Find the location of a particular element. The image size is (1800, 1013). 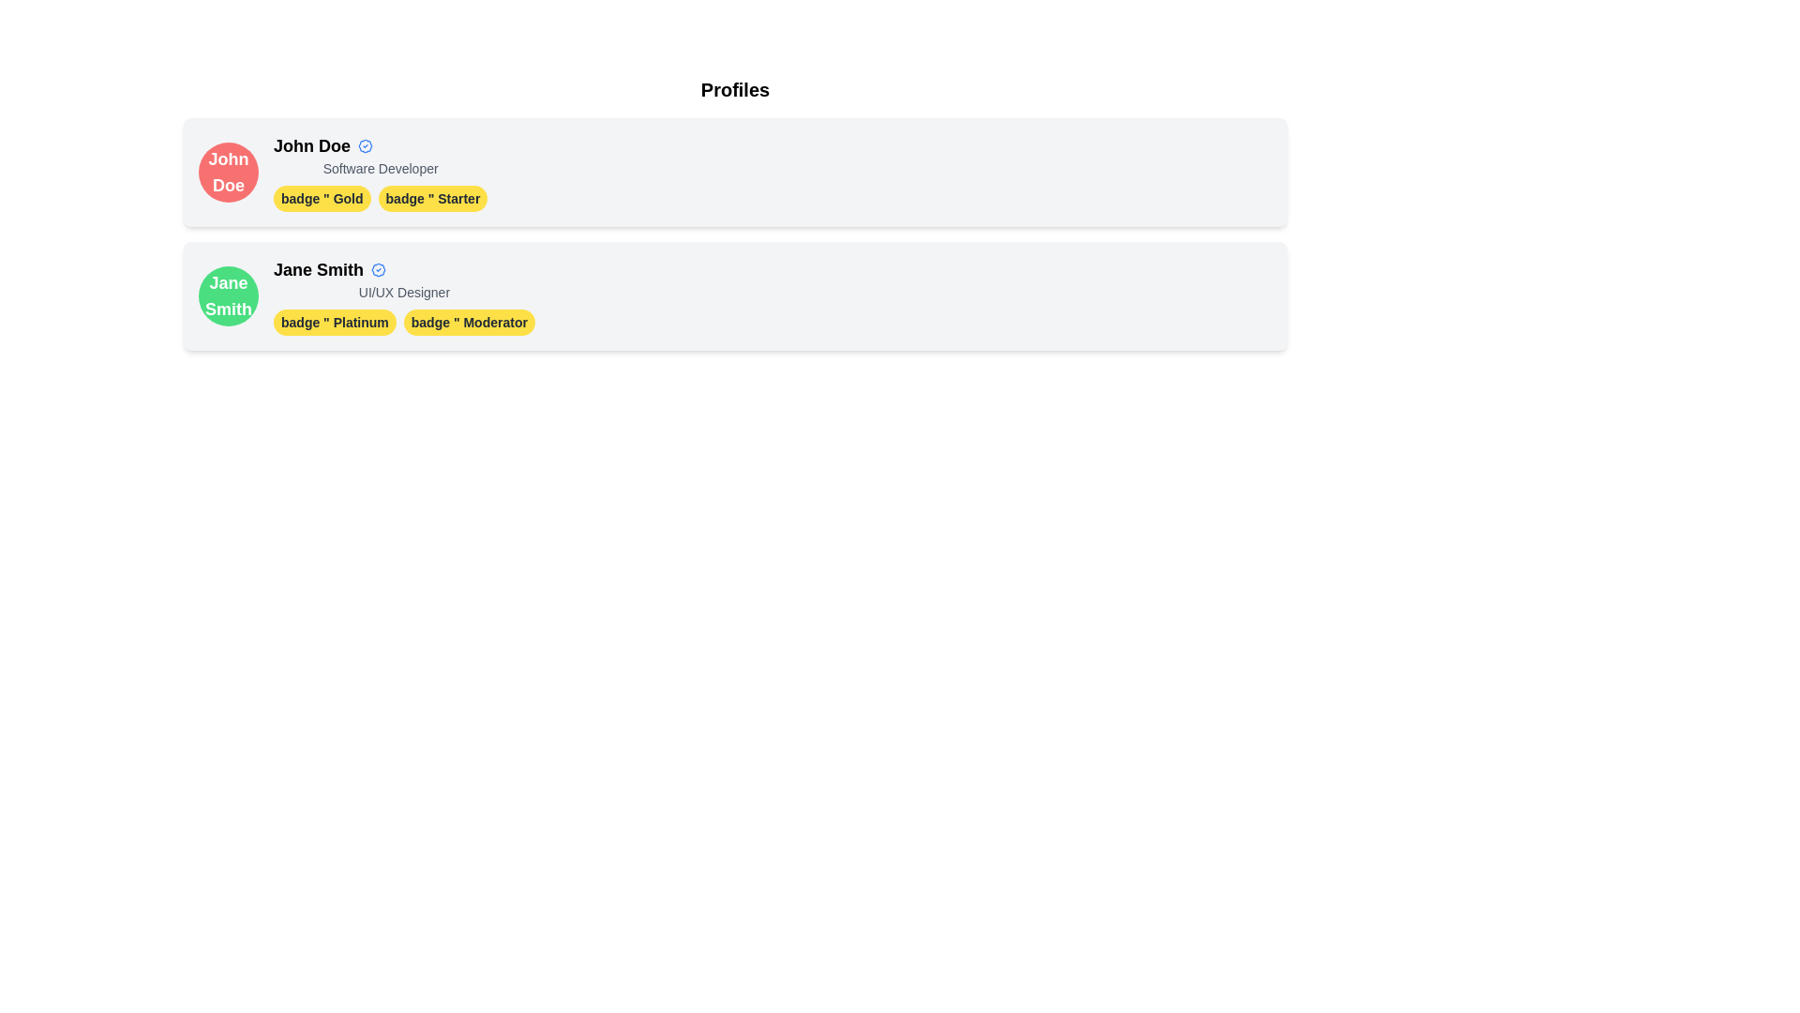

the badge styled with a yellow background and dark text reading 'badge " Starter' located below 'John Doe' in the first profile card is located at coordinates (431, 199).